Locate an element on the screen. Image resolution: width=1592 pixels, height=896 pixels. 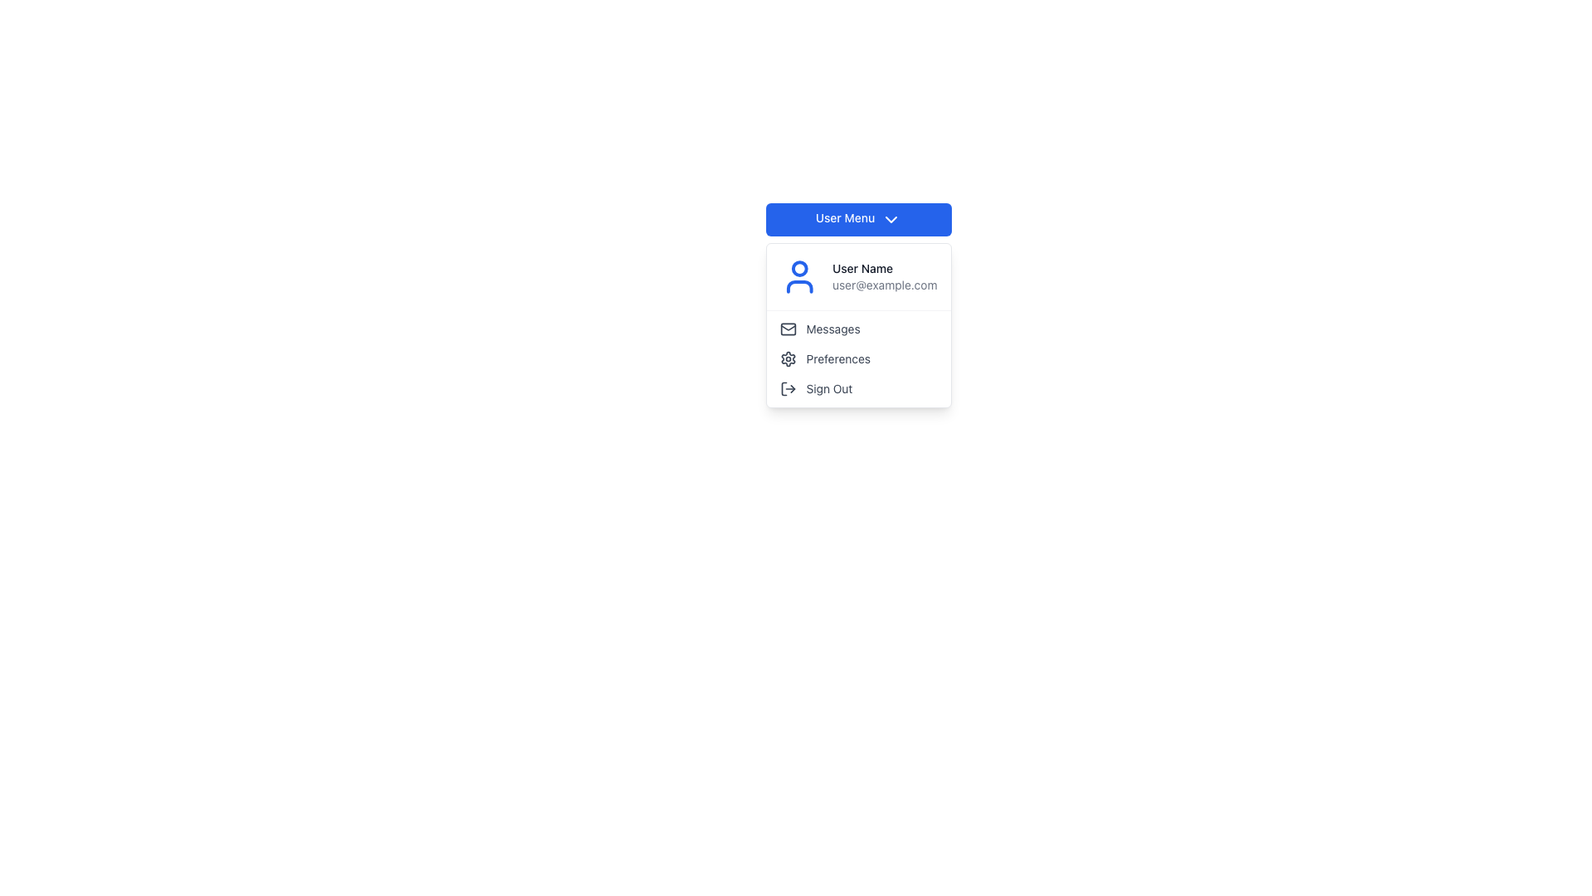
the decorative vector graphic representing the log-out symbol in the user menu, located adjacent to the 'Sign Out' text is located at coordinates (783, 389).